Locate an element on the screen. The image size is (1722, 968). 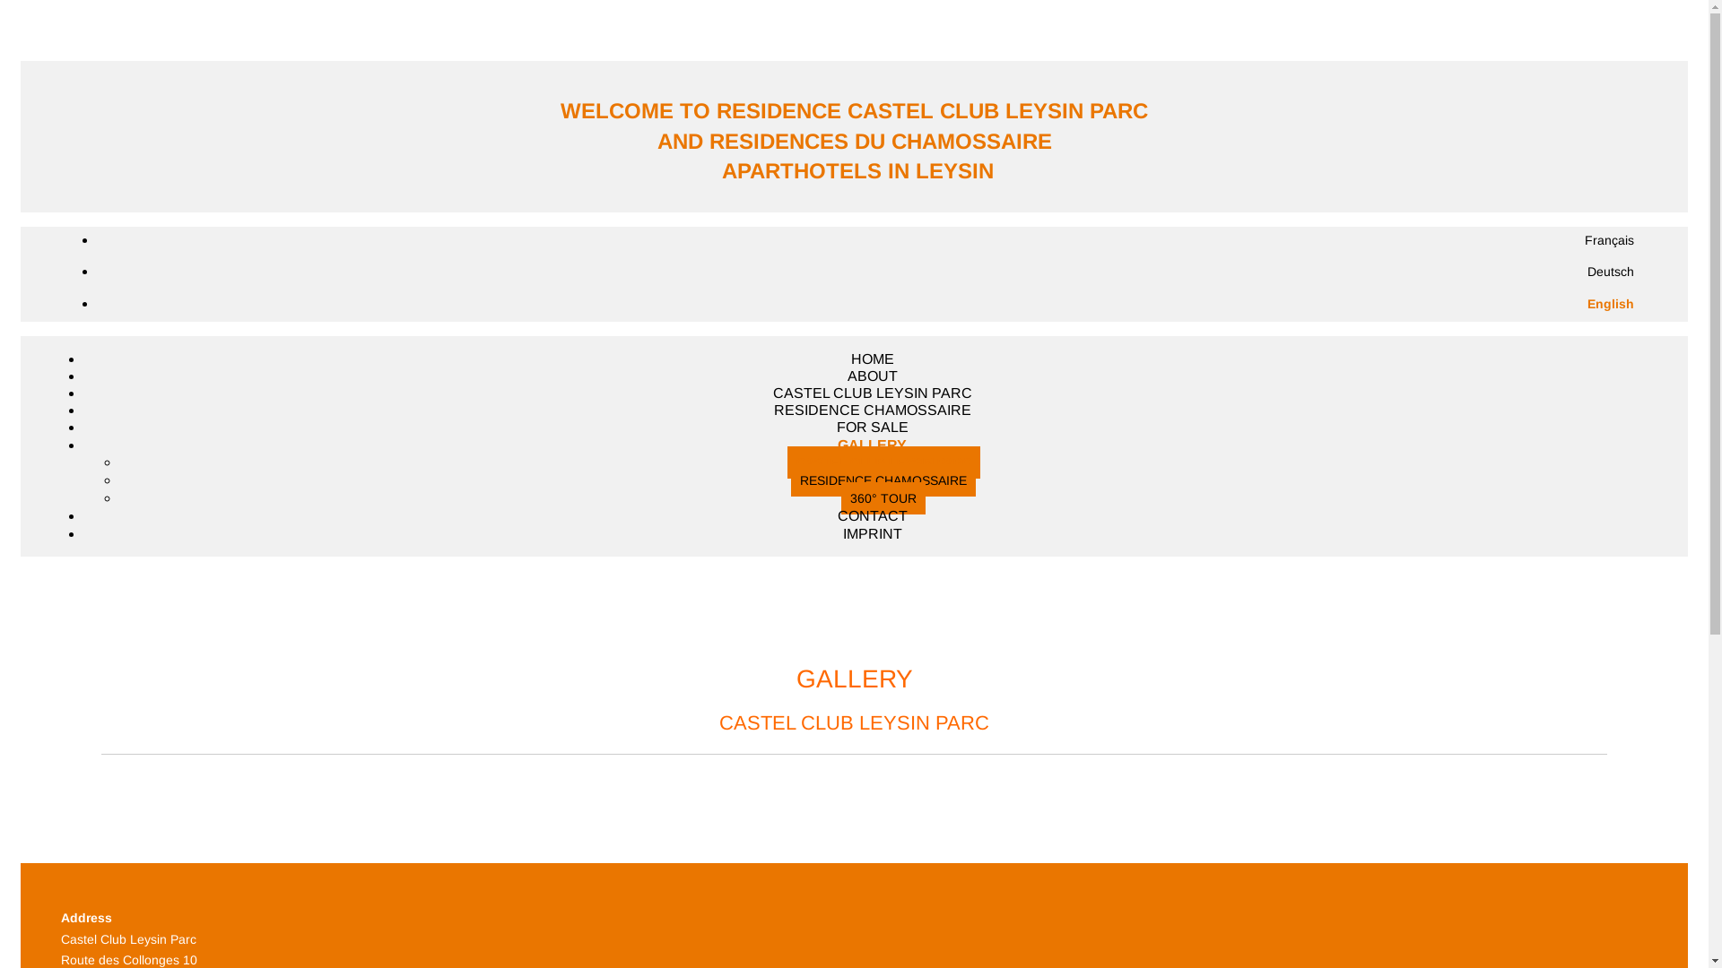
'IMPRINT' is located at coordinates (873, 532).